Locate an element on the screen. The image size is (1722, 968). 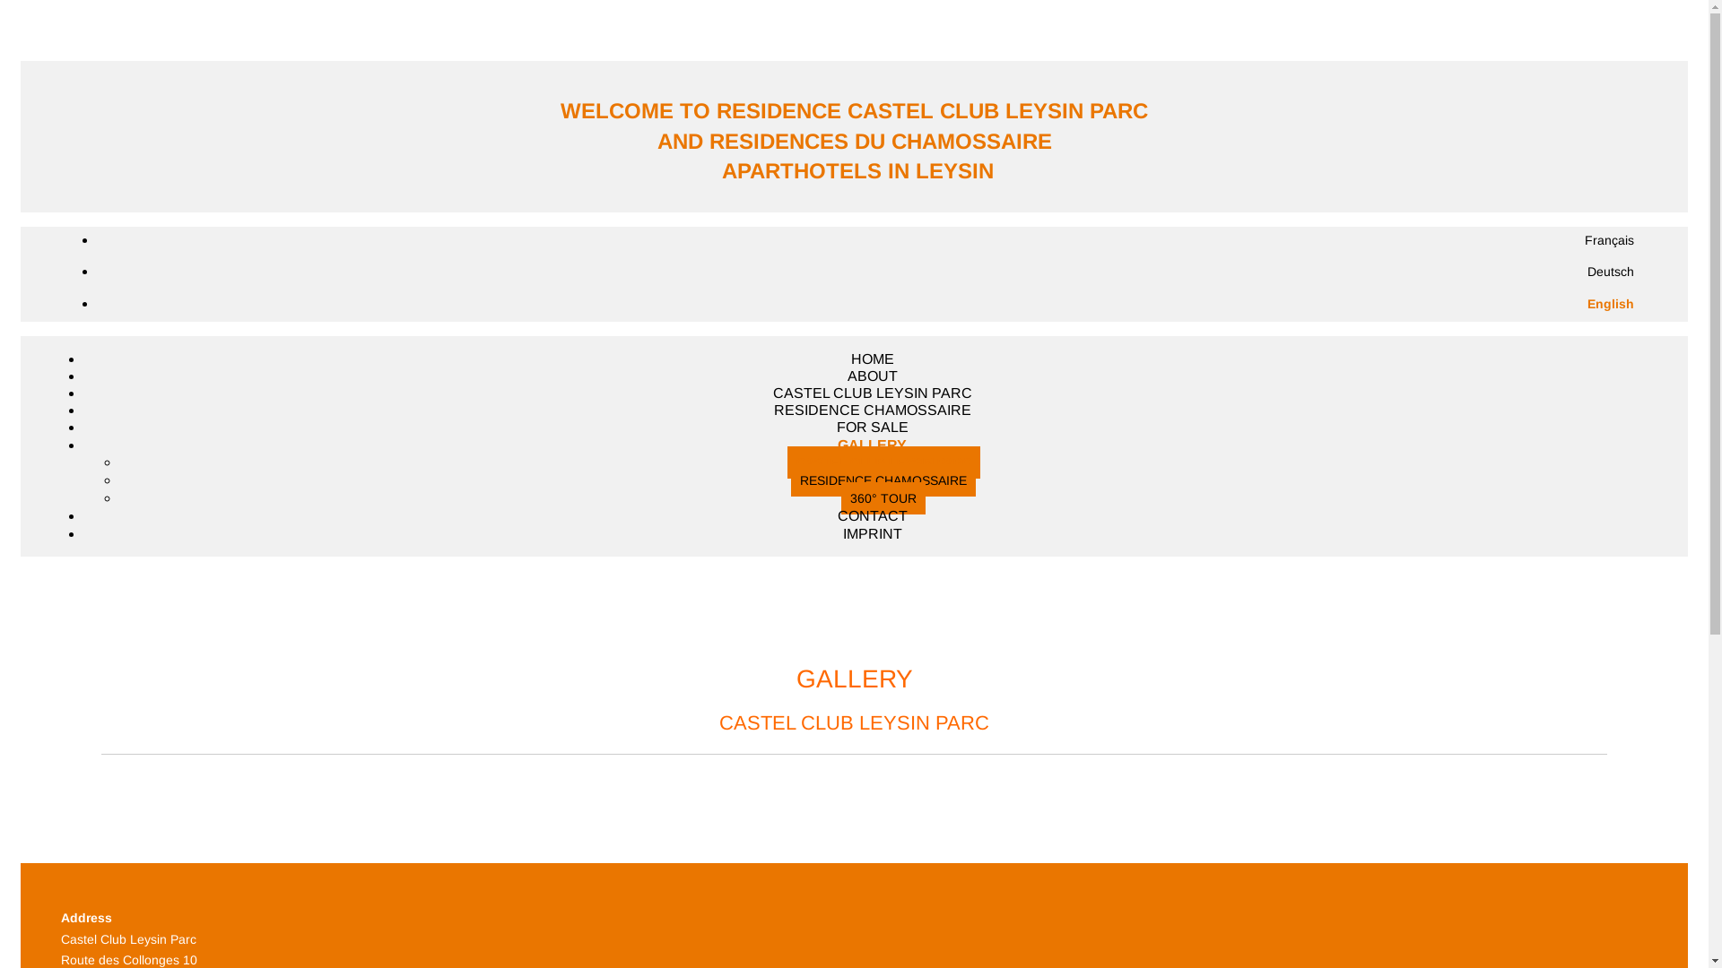
'IMPRINT' is located at coordinates (873, 532).